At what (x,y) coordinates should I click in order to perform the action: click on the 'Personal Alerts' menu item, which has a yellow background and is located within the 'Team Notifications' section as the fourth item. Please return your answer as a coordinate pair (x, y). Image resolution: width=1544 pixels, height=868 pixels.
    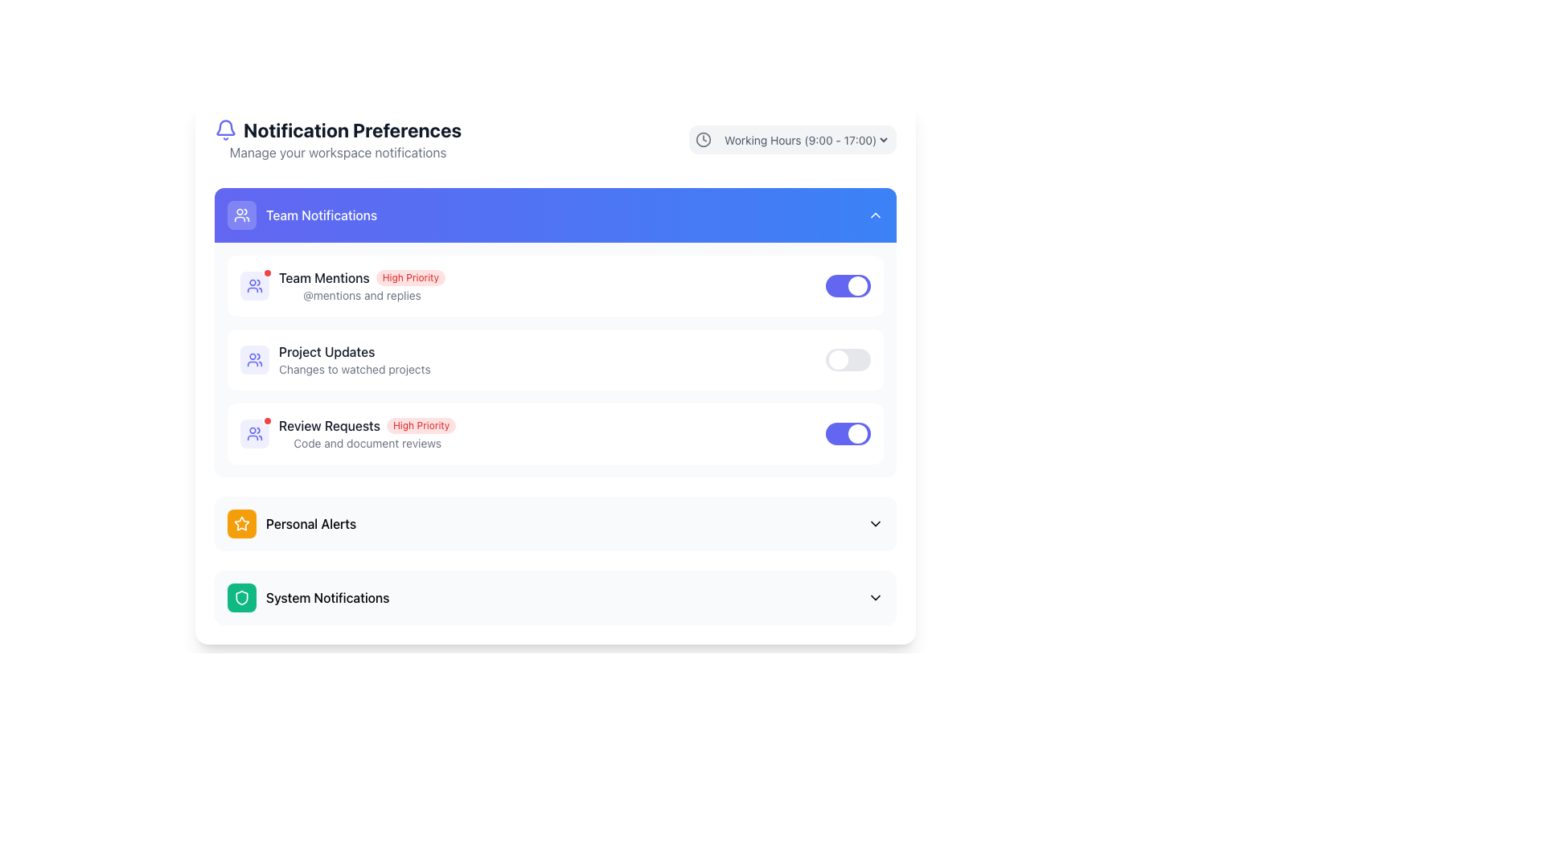
    Looking at the image, I should click on (292, 523).